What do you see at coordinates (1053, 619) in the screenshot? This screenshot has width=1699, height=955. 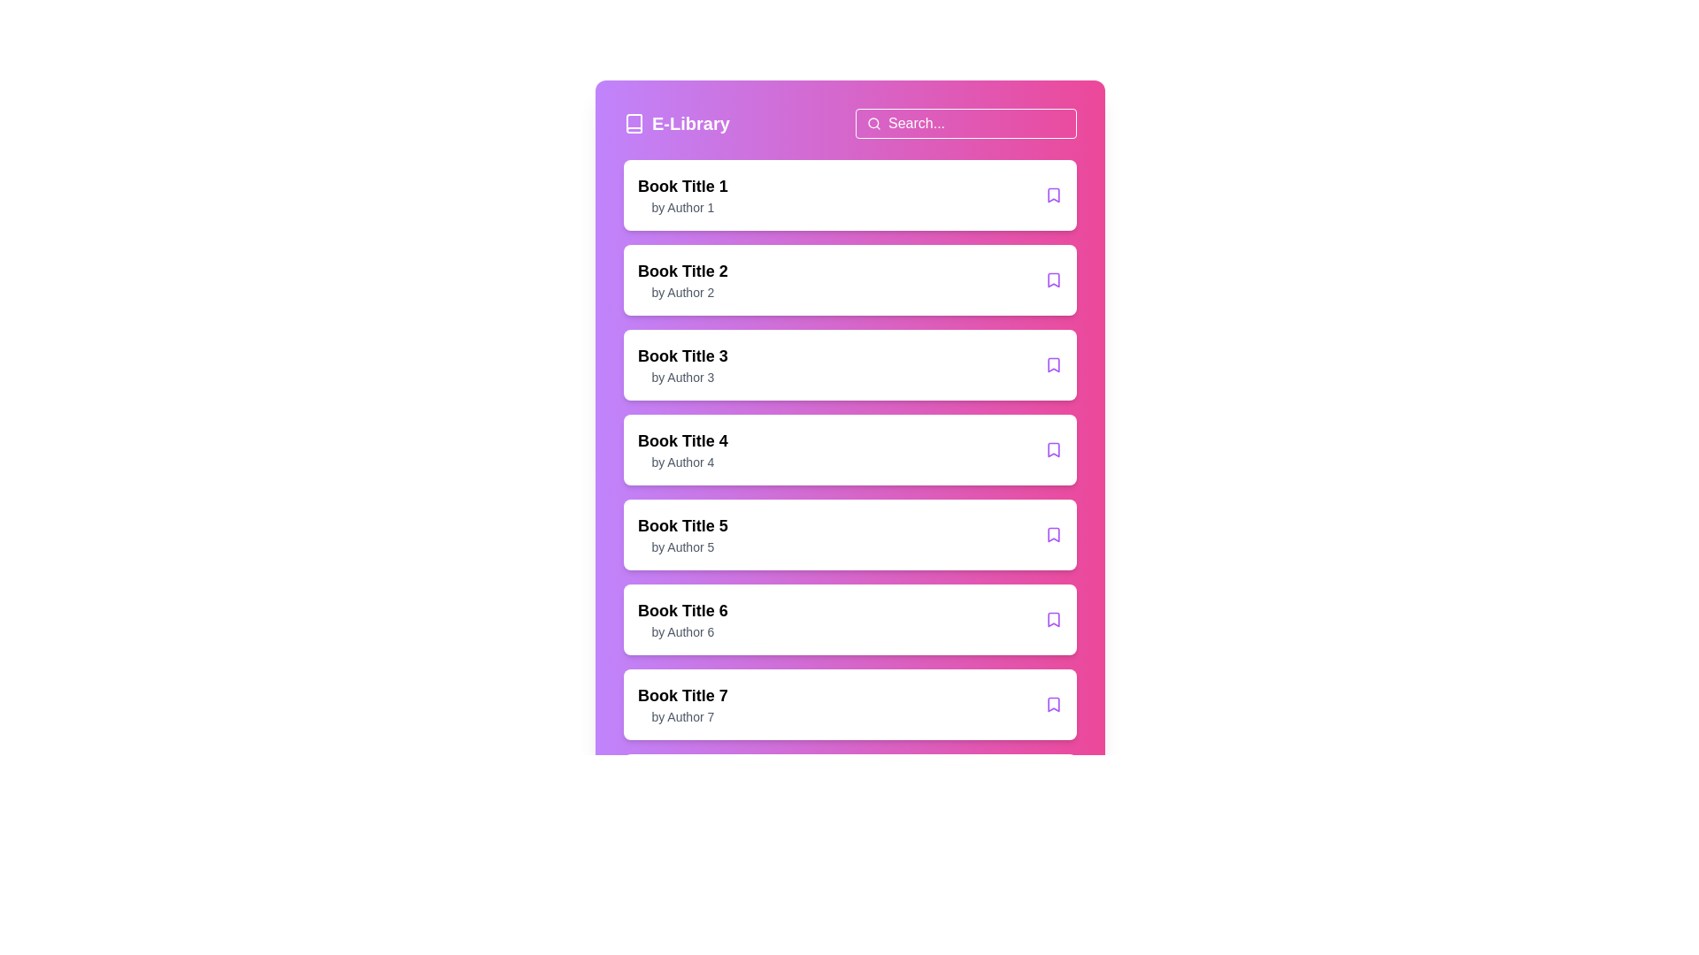 I see `the small purple bookmark-shaped icon with a translucent appearance located within the content card for 'Book Title 6 by Author 6'` at bounding box center [1053, 619].